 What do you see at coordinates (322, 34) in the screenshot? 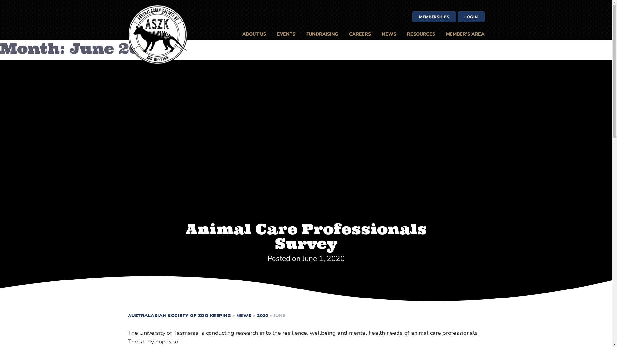
I see `'FUNDRAISING'` at bounding box center [322, 34].